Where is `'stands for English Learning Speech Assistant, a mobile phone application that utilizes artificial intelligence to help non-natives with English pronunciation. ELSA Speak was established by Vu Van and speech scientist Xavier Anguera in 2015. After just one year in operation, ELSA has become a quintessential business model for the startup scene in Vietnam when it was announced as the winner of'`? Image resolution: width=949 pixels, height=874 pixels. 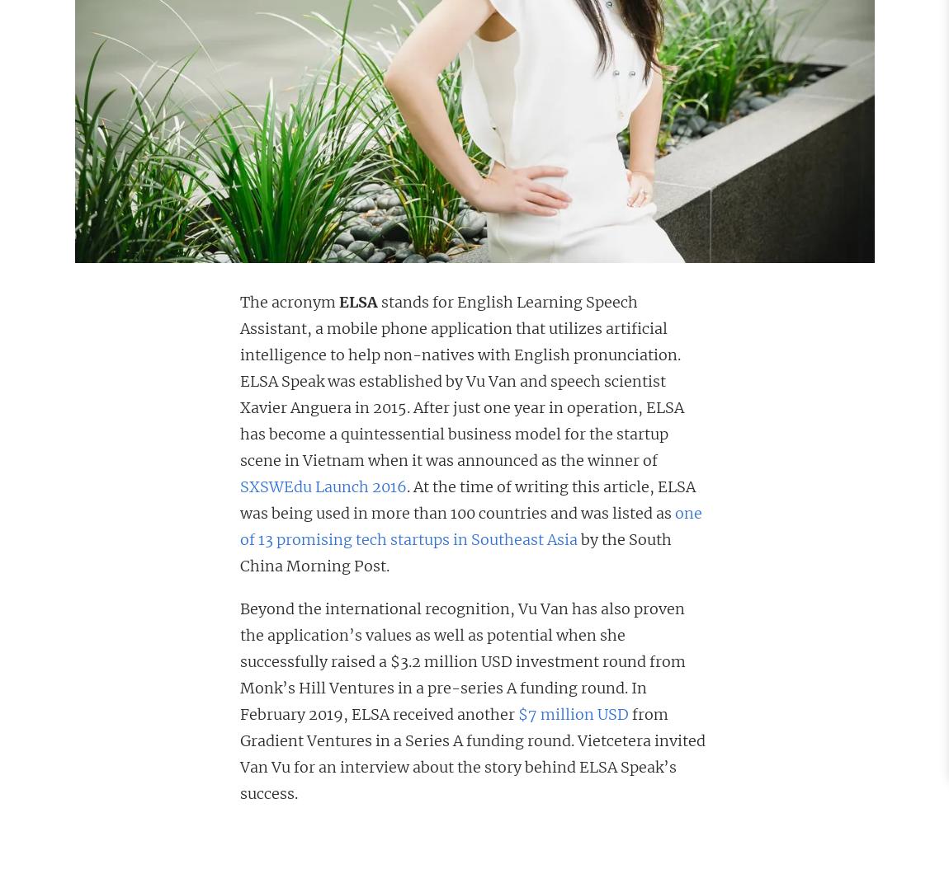
'stands for English Learning Speech Assistant, a mobile phone application that utilizes artificial intelligence to help non-natives with English pronunciation. ELSA Speak was established by Vu Van and speech scientist Xavier Anguera in 2015. After just one year in operation, ELSA has become a quintessential business model for the startup scene in Vietnam when it was announced as the winner of' is located at coordinates (462, 380).